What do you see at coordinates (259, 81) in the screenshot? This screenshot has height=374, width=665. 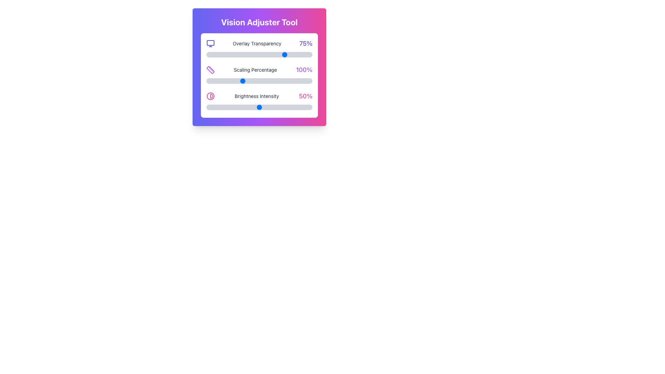 I see `the track of the Scaling Percentage slider to set a value between 50 and 200` at bounding box center [259, 81].